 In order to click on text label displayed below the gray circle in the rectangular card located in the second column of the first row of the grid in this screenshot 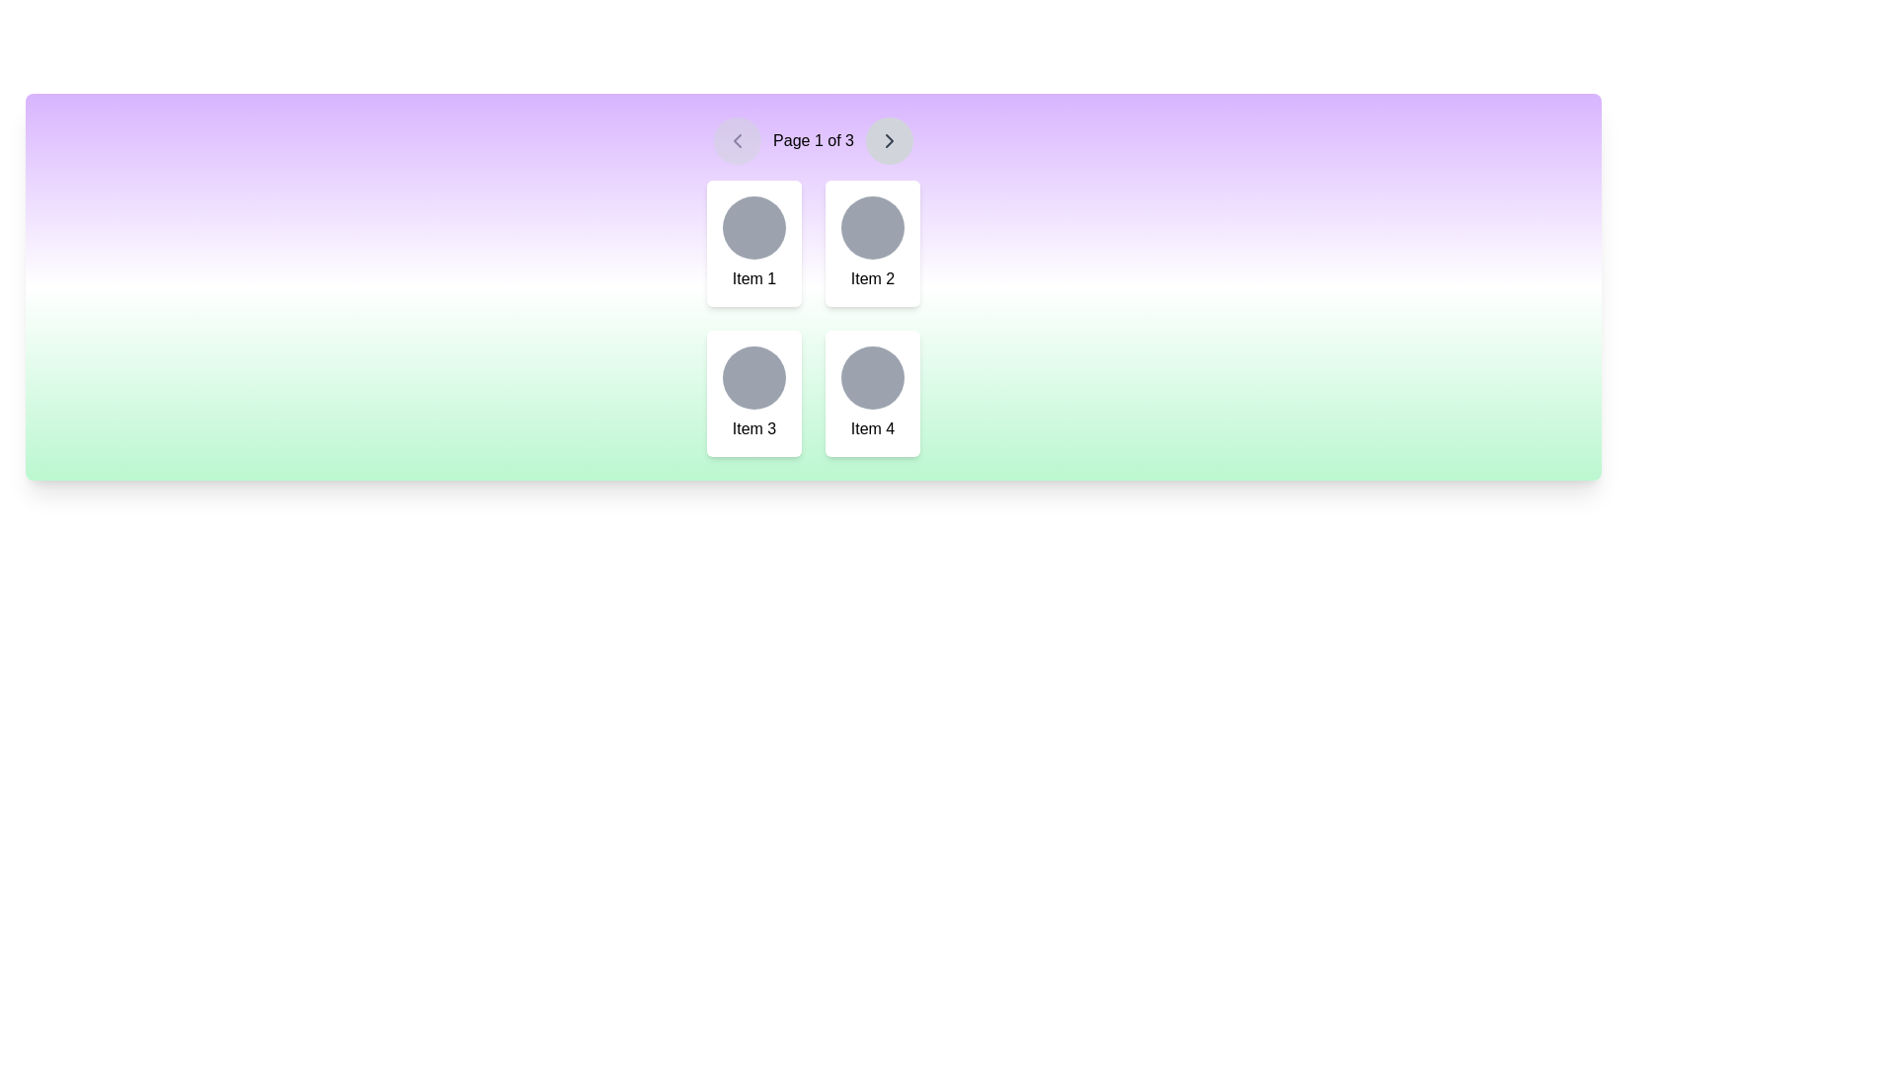, I will do `click(871, 278)`.